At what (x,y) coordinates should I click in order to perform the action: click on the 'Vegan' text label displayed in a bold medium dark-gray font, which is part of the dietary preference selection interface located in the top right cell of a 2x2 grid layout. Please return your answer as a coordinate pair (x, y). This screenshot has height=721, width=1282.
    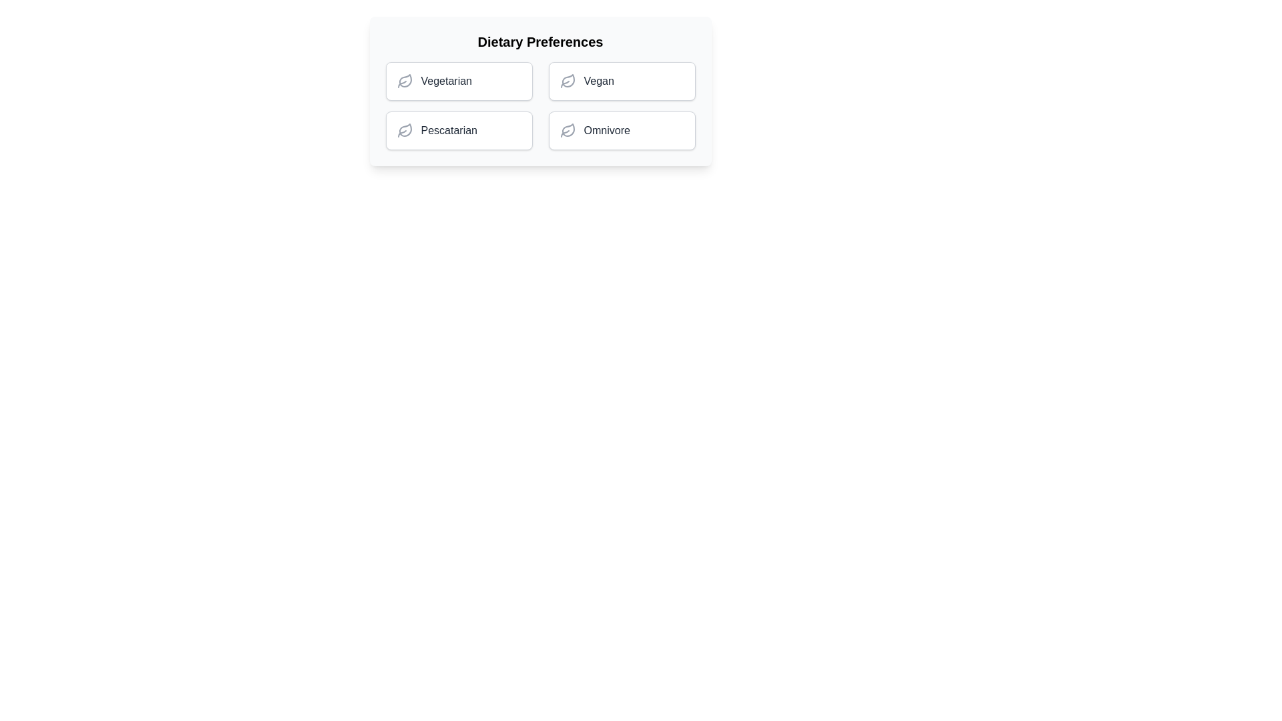
    Looking at the image, I should click on (598, 81).